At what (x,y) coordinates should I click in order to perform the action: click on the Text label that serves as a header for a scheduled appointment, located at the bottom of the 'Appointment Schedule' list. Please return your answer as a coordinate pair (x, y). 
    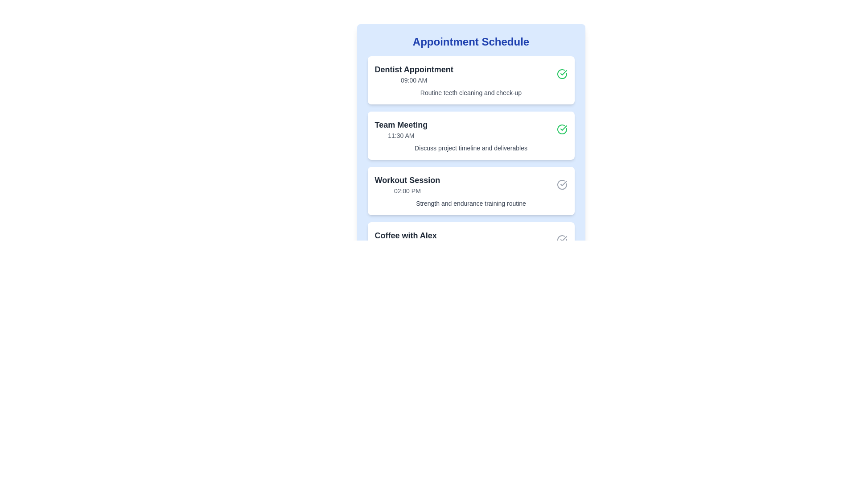
    Looking at the image, I should click on (405, 235).